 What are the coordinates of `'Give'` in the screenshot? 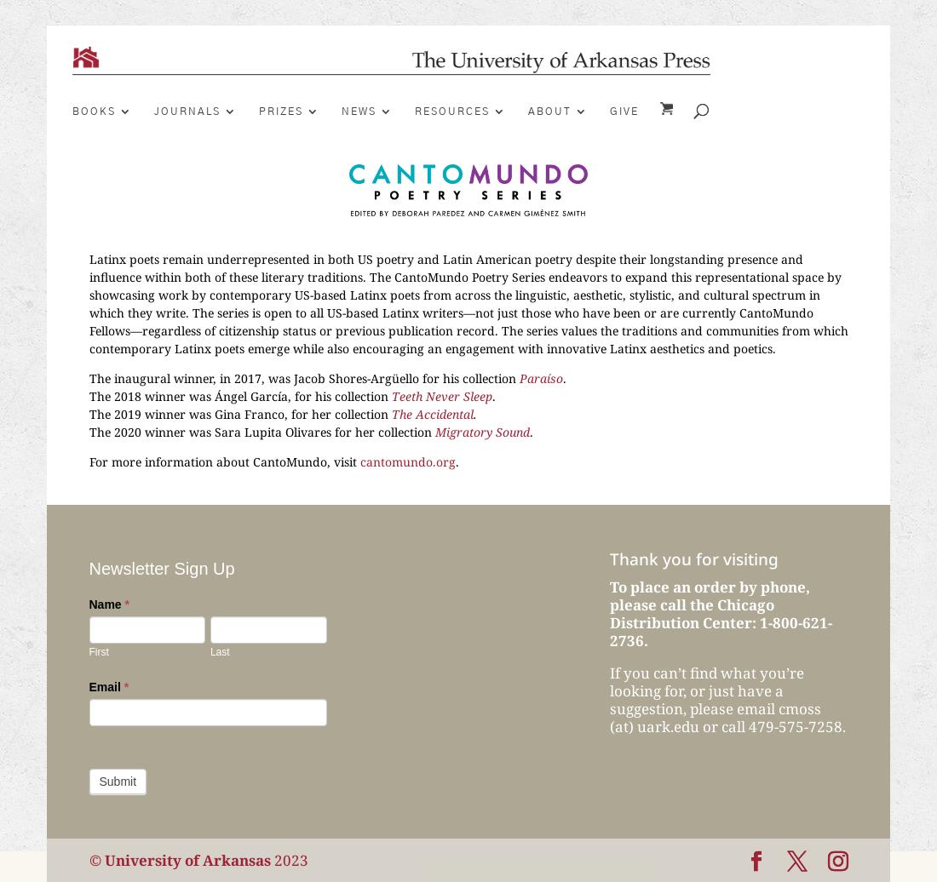 It's located at (624, 111).